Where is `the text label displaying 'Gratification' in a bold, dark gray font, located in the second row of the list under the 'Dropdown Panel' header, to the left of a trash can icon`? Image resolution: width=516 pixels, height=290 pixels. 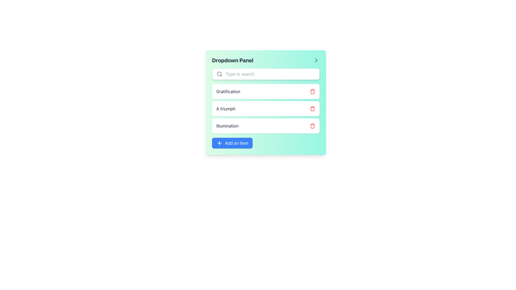 the text label displaying 'Gratification' in a bold, dark gray font, located in the second row of the list under the 'Dropdown Panel' header, to the left of a trash can icon is located at coordinates (228, 91).